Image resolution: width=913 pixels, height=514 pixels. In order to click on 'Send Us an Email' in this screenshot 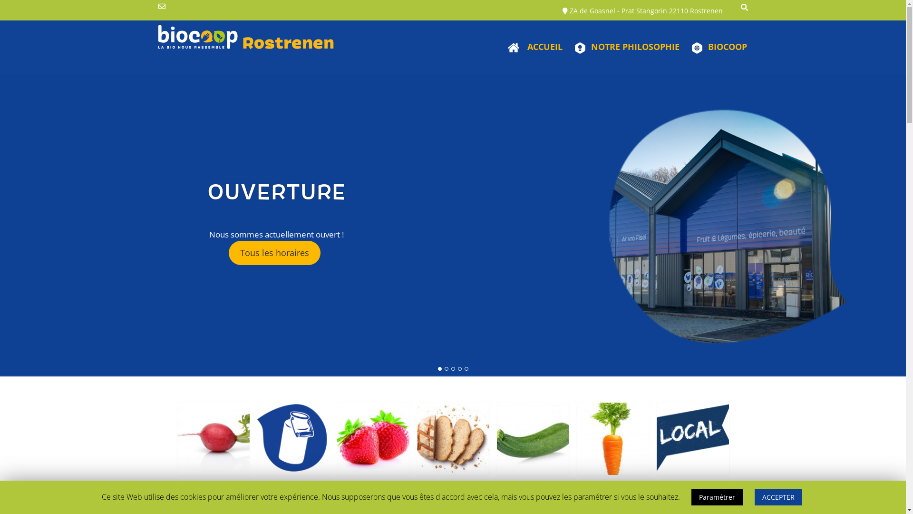, I will do `click(157, 6)`.